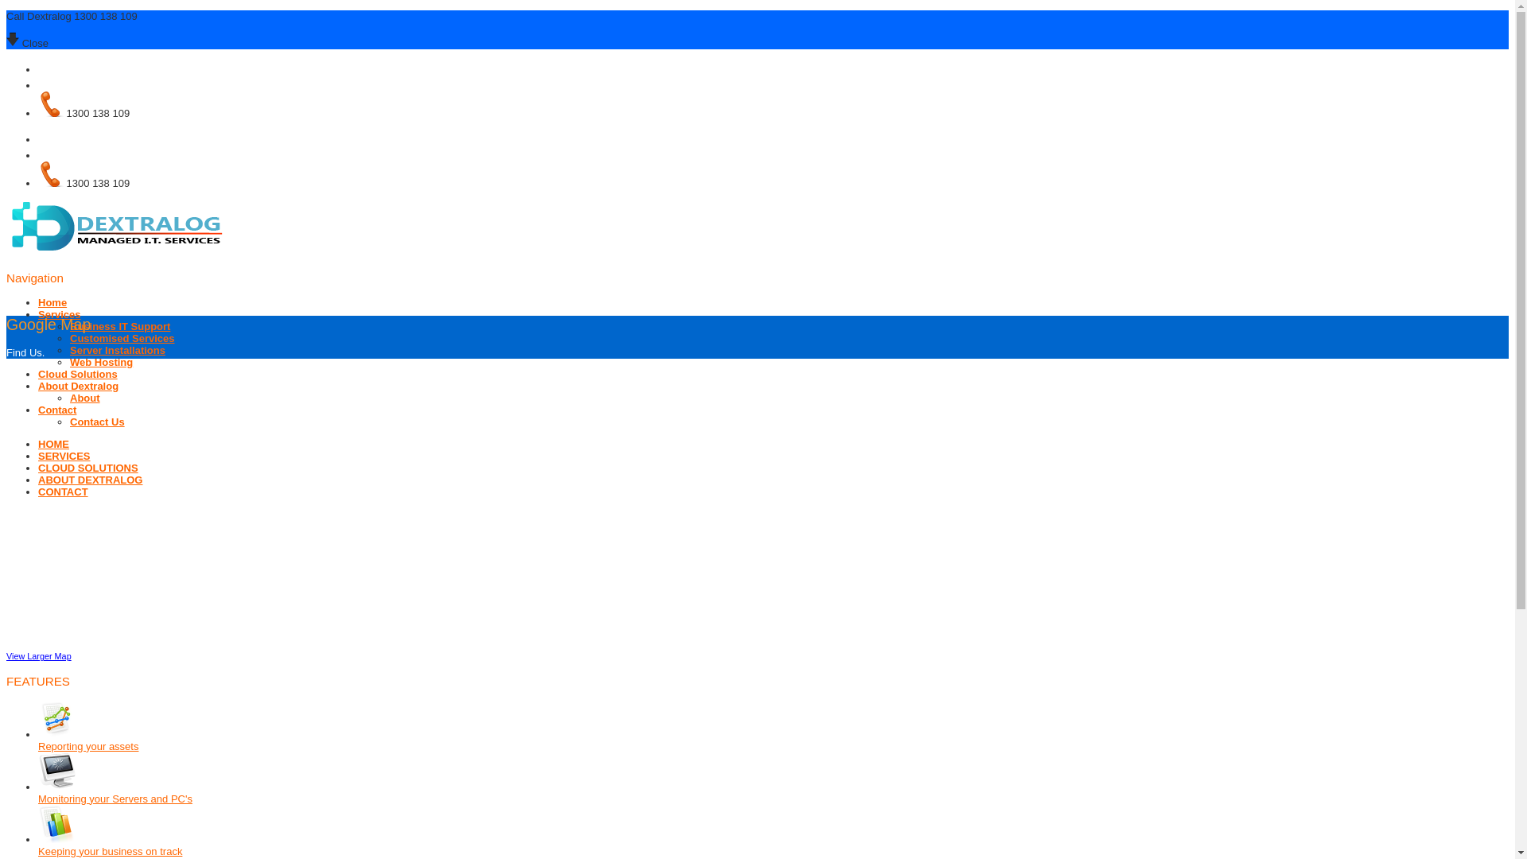 The width and height of the screenshot is (1527, 859). Describe the element at coordinates (109, 850) in the screenshot. I see `'Keeping your business on track'` at that location.